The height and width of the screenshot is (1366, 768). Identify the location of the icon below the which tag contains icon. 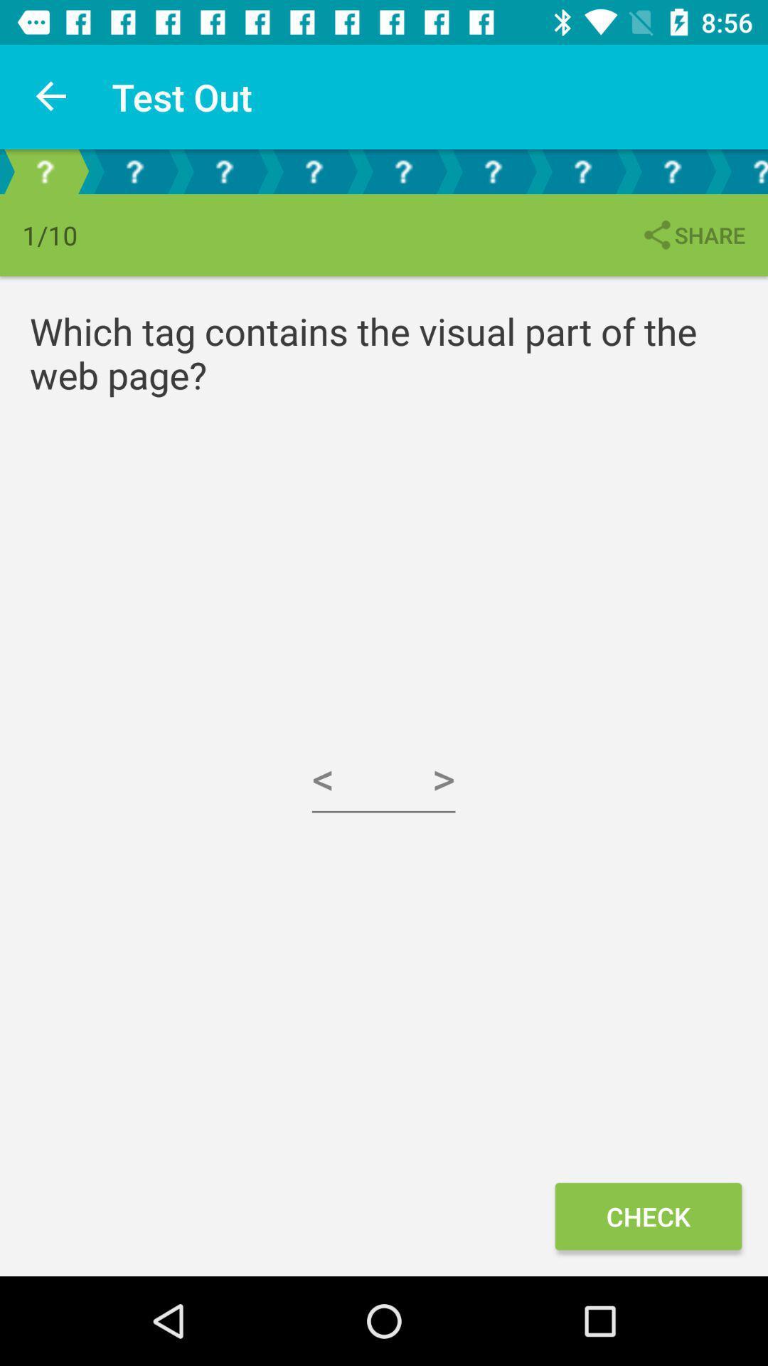
(648, 1215).